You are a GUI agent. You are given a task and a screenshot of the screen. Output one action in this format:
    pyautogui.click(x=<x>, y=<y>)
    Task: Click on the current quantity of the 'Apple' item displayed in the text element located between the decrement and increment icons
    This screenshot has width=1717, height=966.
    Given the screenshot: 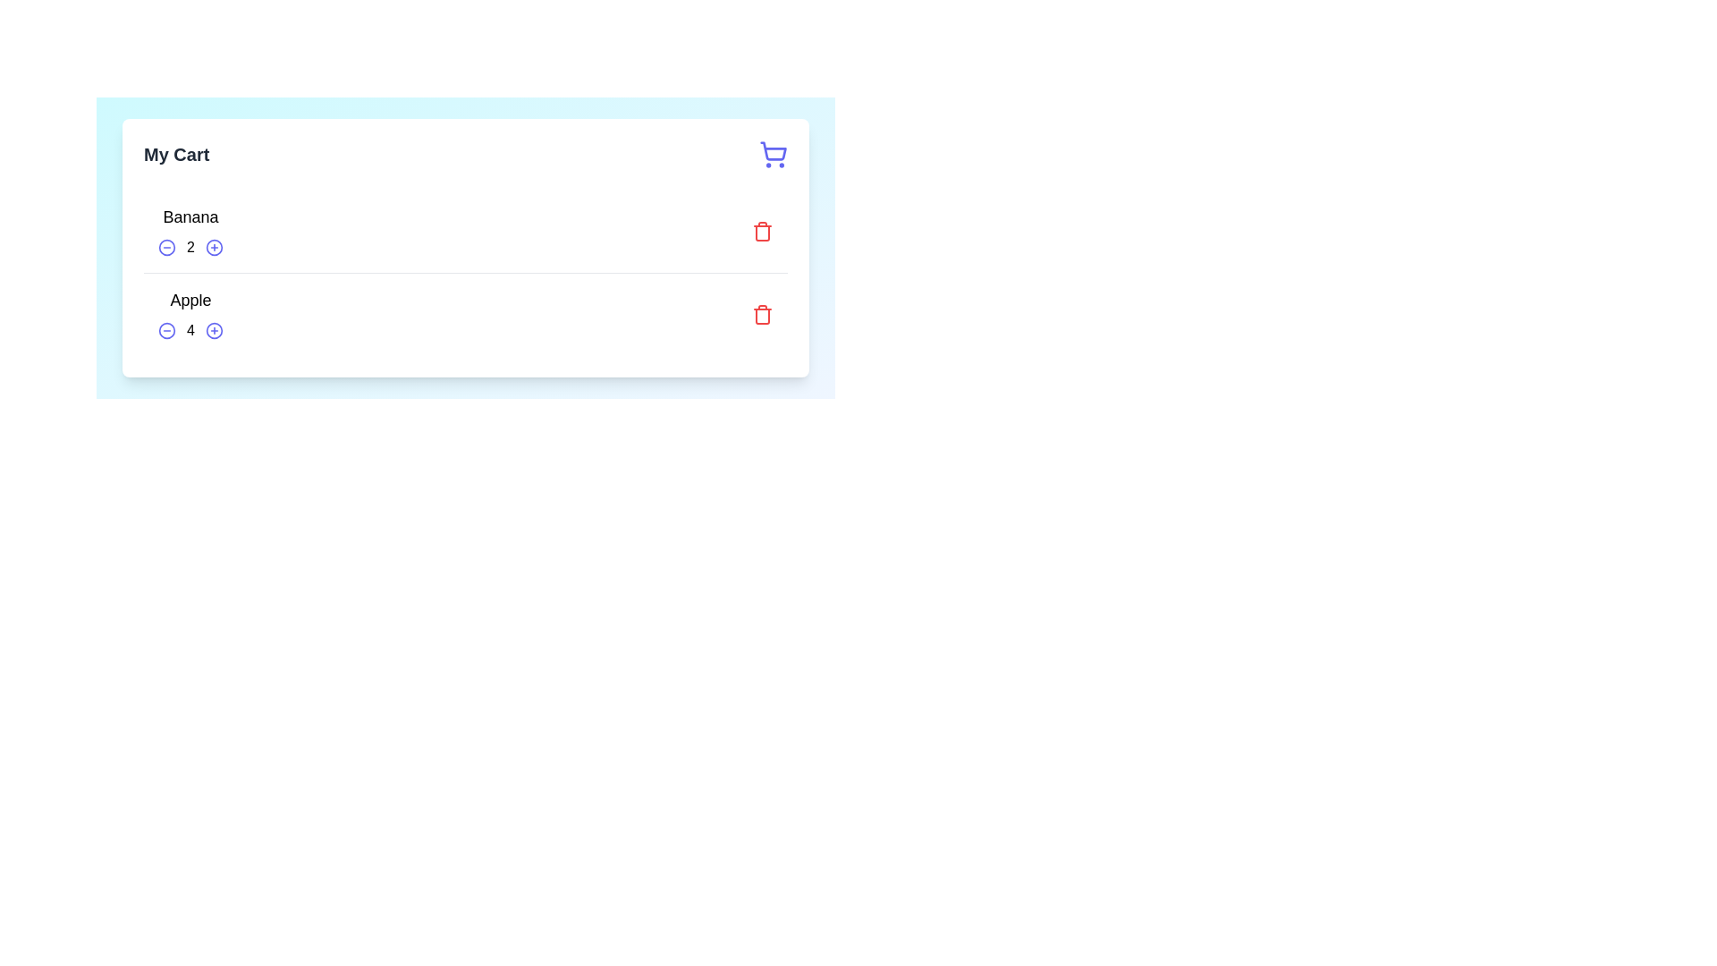 What is the action you would take?
    pyautogui.click(x=190, y=331)
    